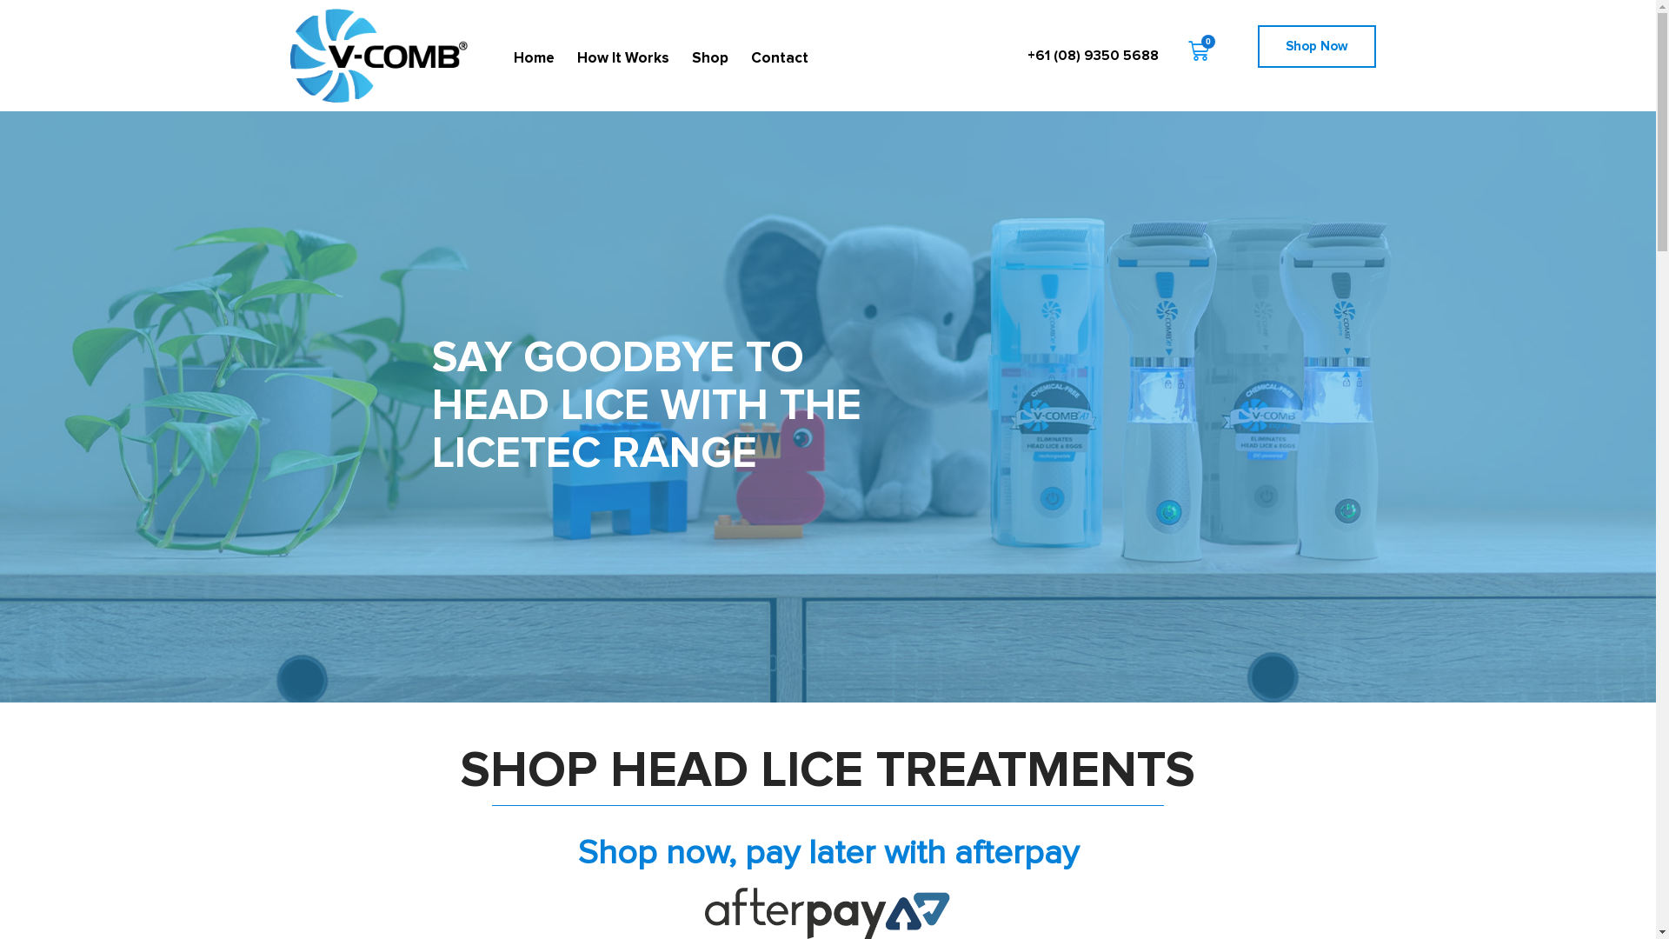  Describe the element at coordinates (679, 58) in the screenshot. I see `'Shop'` at that location.